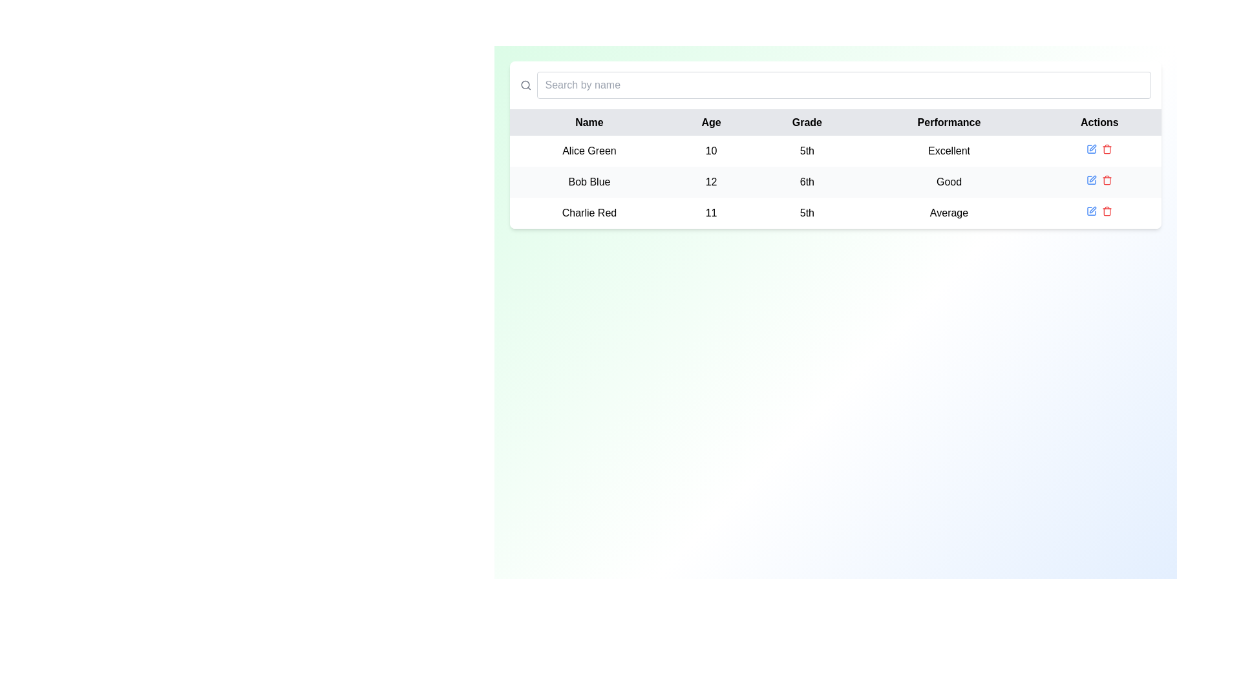  I want to click on the 'Name' label in the header row of the table, which is styled with bold text and positioned as the first column header, so click(589, 122).